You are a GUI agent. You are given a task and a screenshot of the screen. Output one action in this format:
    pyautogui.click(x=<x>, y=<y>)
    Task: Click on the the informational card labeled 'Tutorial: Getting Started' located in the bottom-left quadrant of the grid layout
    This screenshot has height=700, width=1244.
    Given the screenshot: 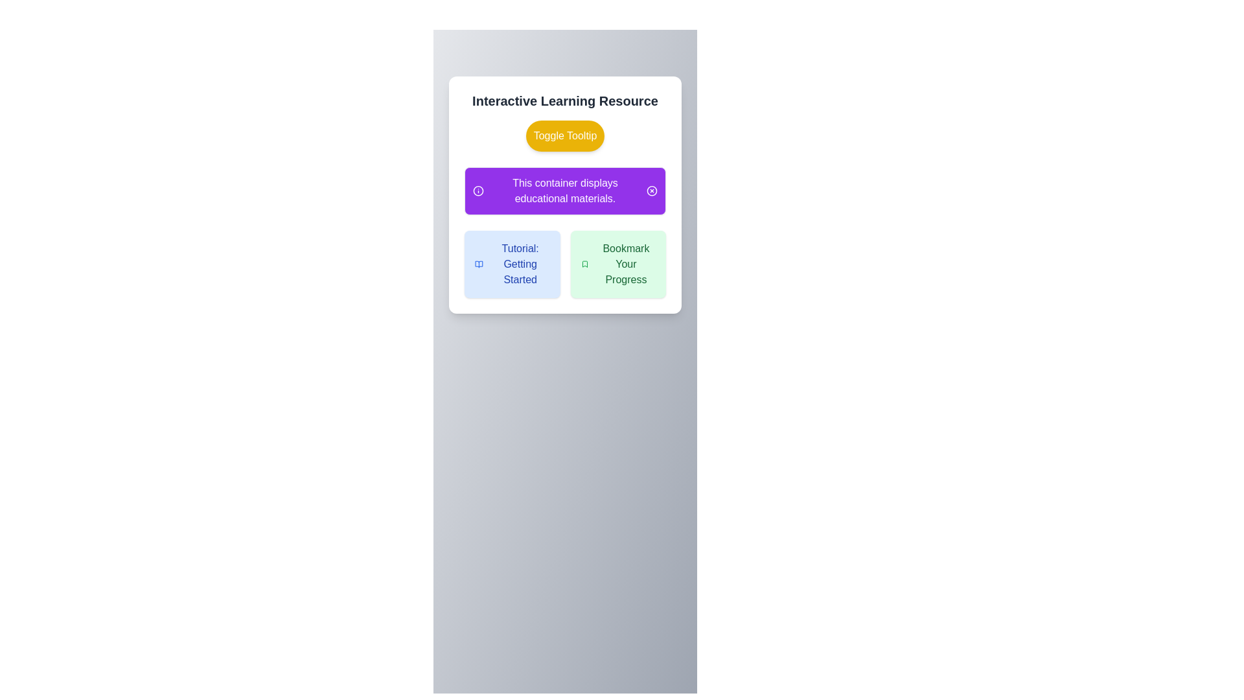 What is the action you would take?
    pyautogui.click(x=511, y=264)
    